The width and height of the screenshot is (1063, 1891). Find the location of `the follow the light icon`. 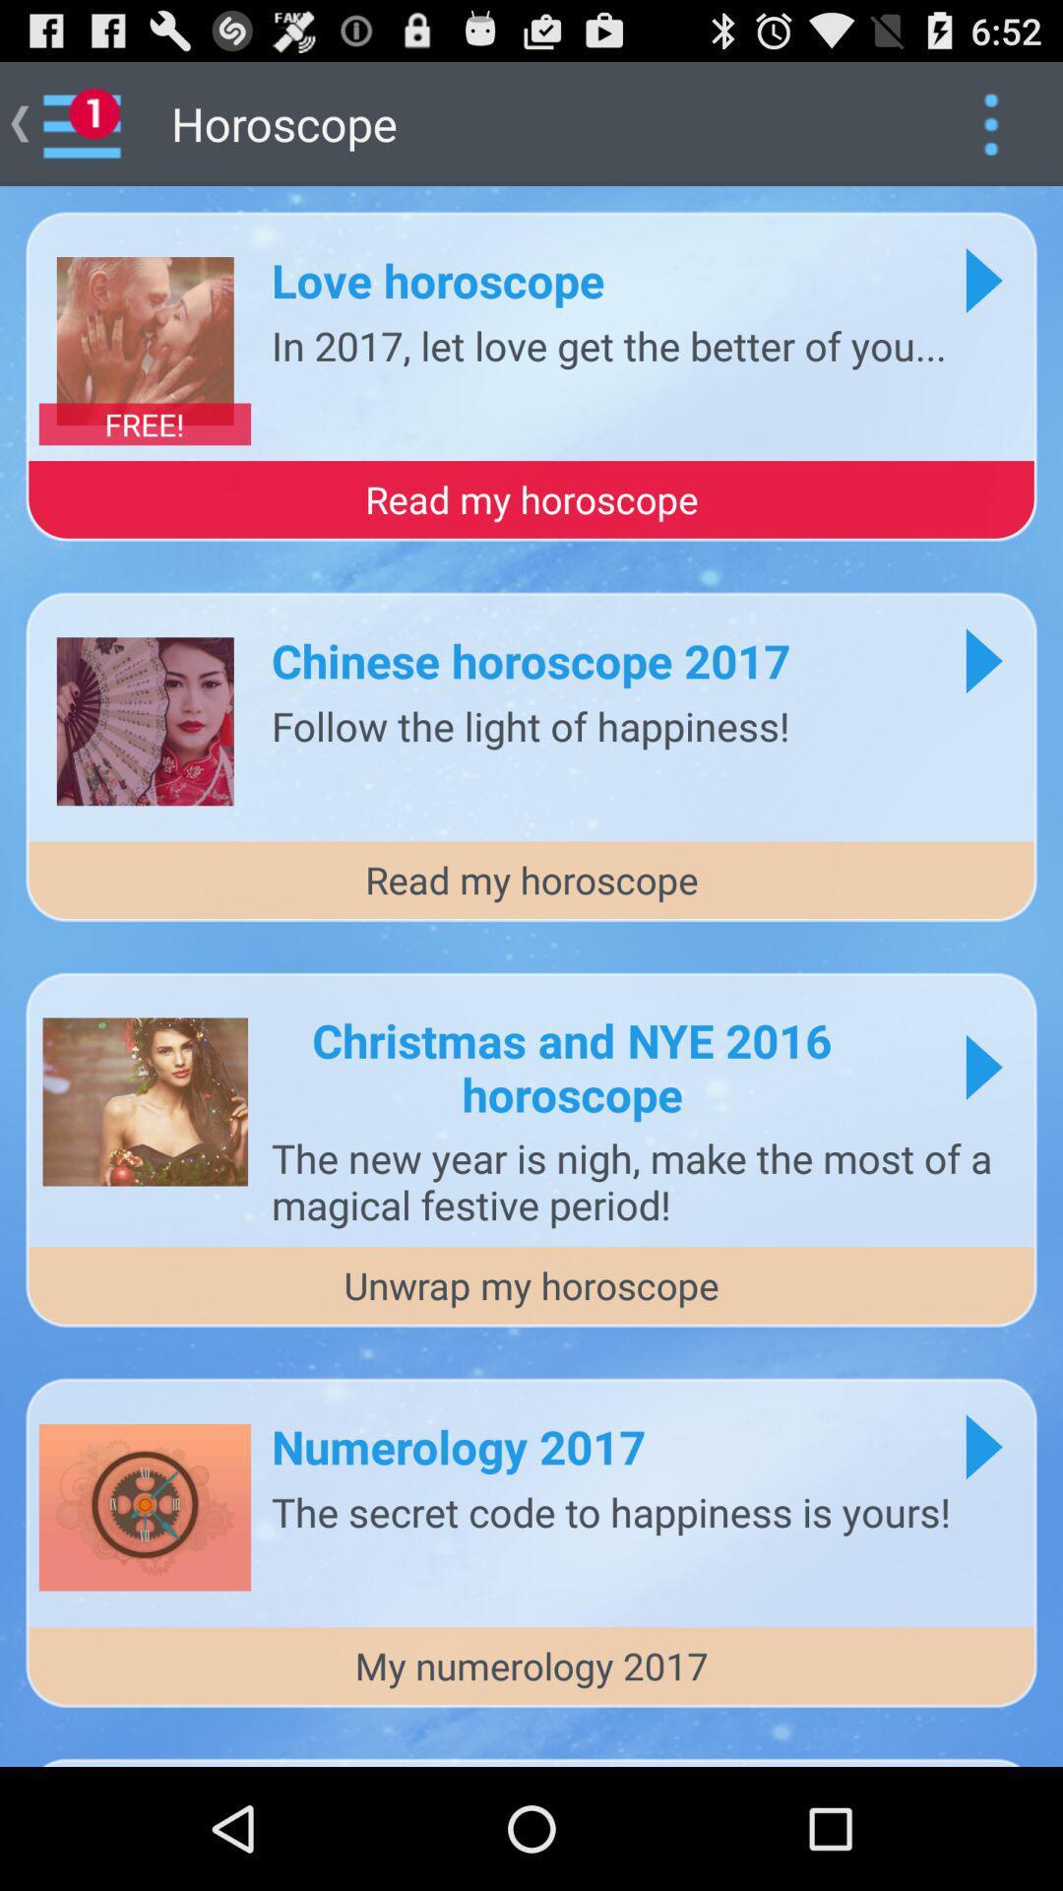

the follow the light icon is located at coordinates (530, 724).